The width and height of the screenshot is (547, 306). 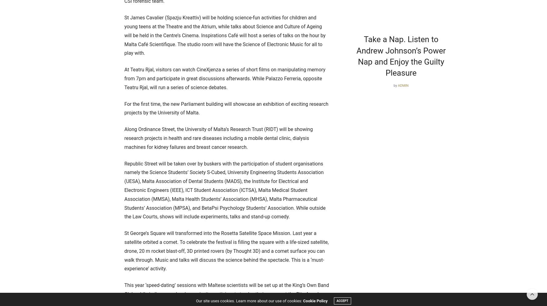 I want to click on 'For the first time, the new Parliament building will showcase an exhibition of exciting research projects by the University of Malta.', so click(x=226, y=108).